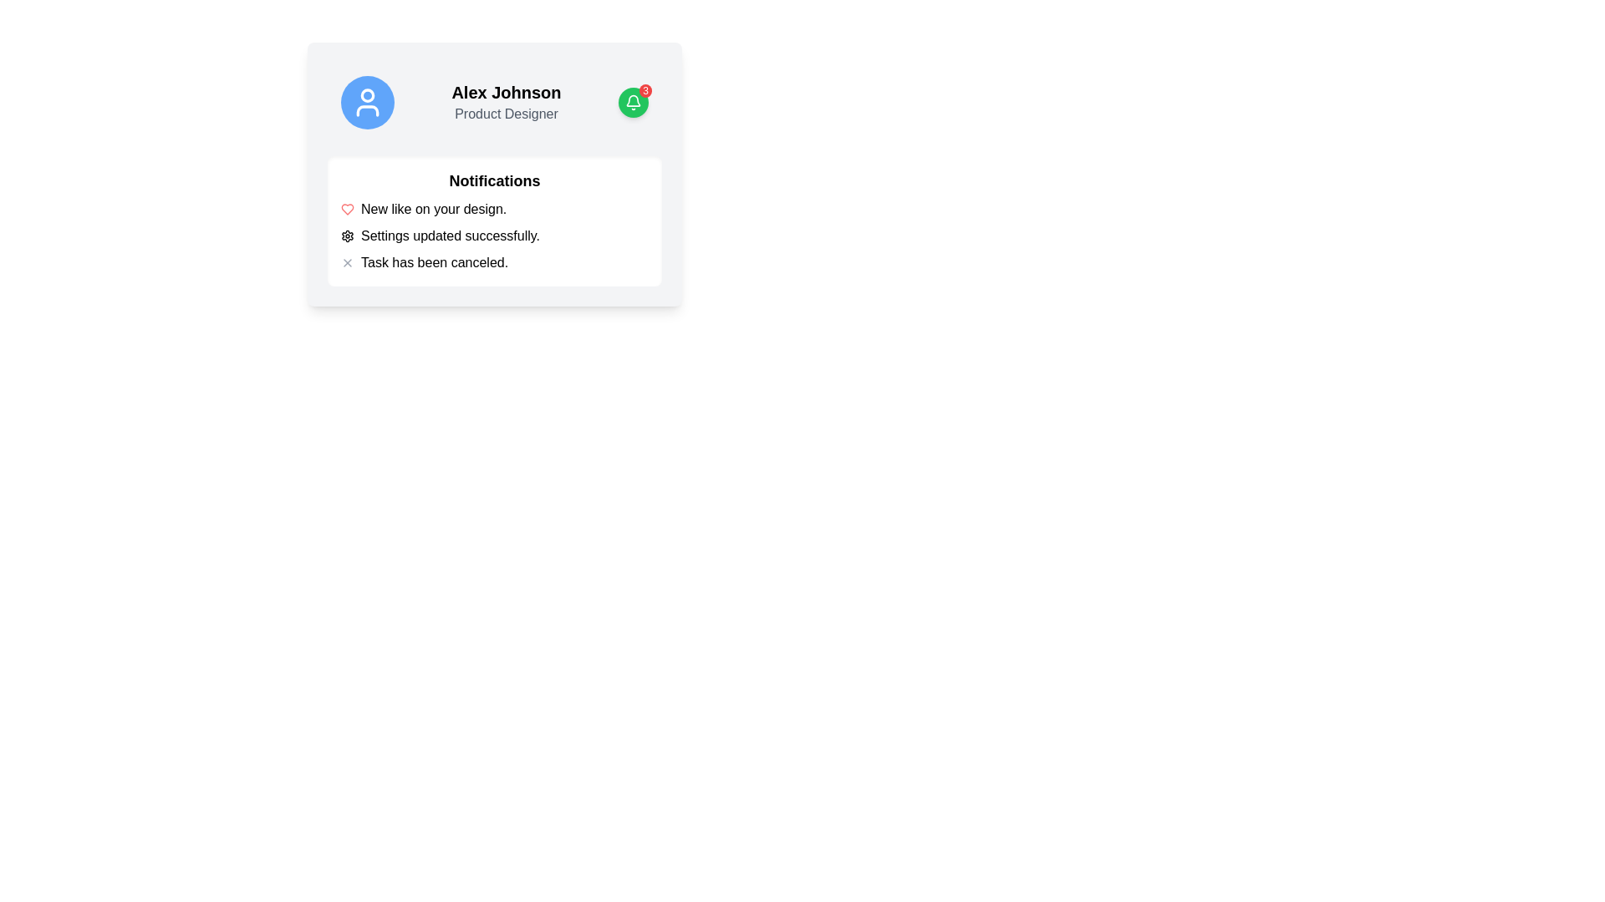 This screenshot has height=902, width=1605. Describe the element at coordinates (434, 208) in the screenshot. I see `text content of the notification label that says 'New like on your design.' which is rendered in bold black font and located within the first notification block in the 'Notifications' section` at that location.